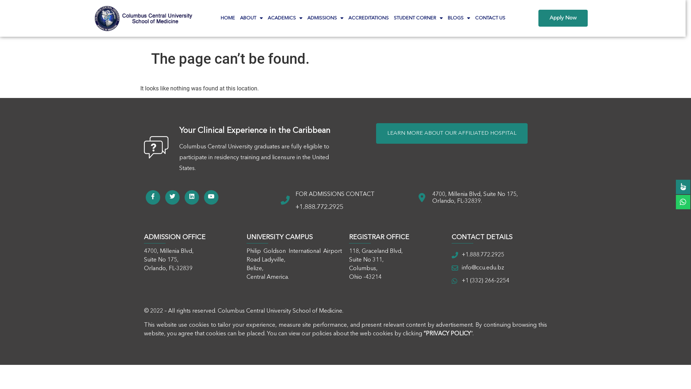 Image resolution: width=691 pixels, height=389 pixels. I want to click on 'ABOUT', so click(251, 18).